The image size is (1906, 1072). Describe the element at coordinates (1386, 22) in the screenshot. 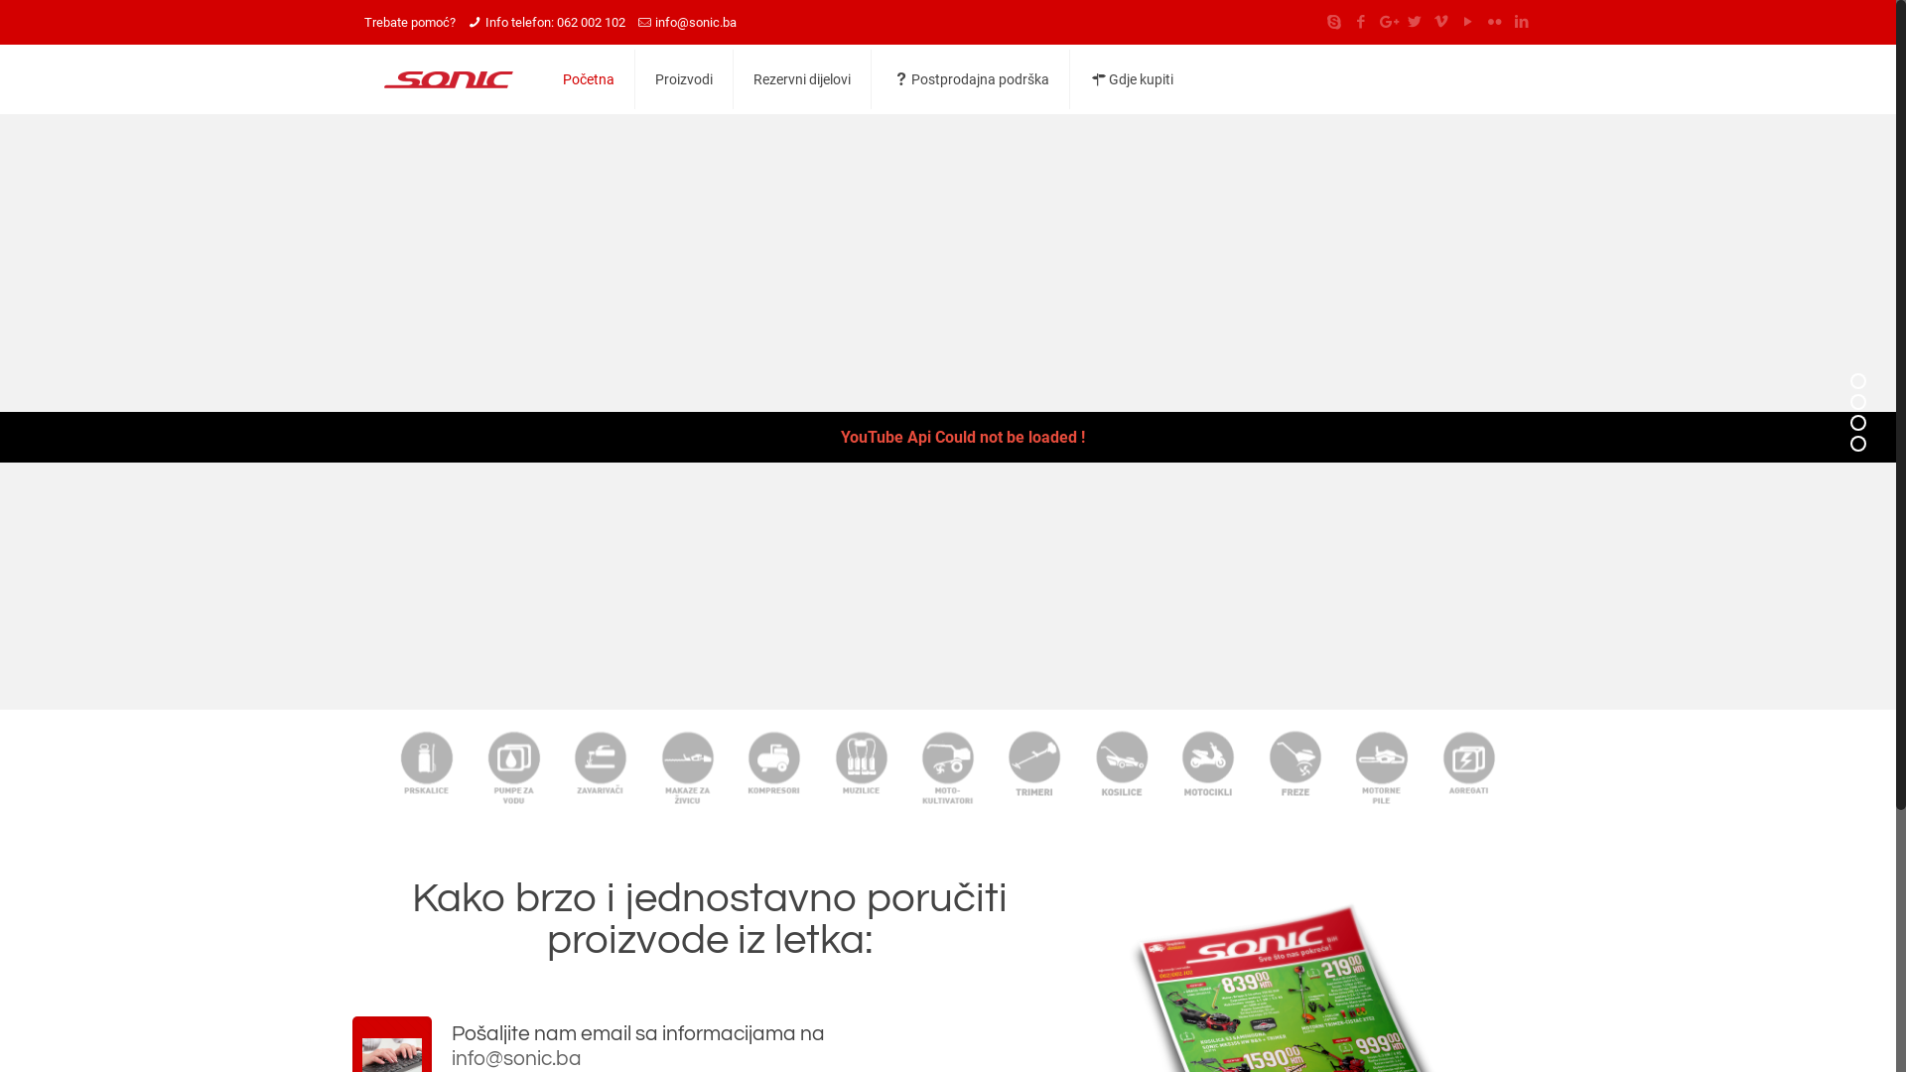

I see `'Google+'` at that location.